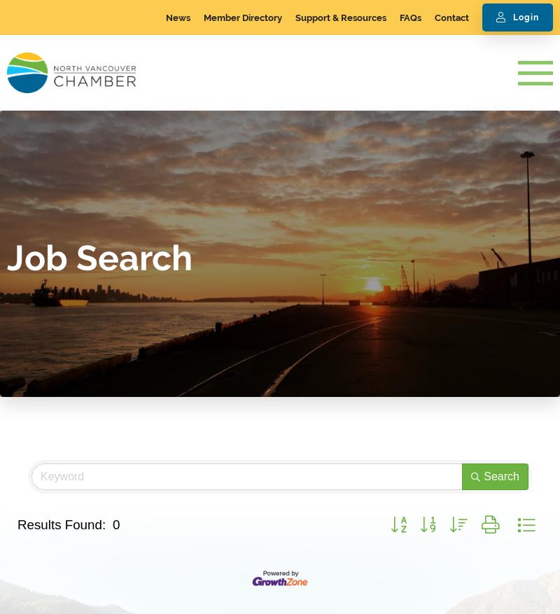 The height and width of the screenshot is (614, 560). What do you see at coordinates (164, 17) in the screenshot?
I see `'News'` at bounding box center [164, 17].